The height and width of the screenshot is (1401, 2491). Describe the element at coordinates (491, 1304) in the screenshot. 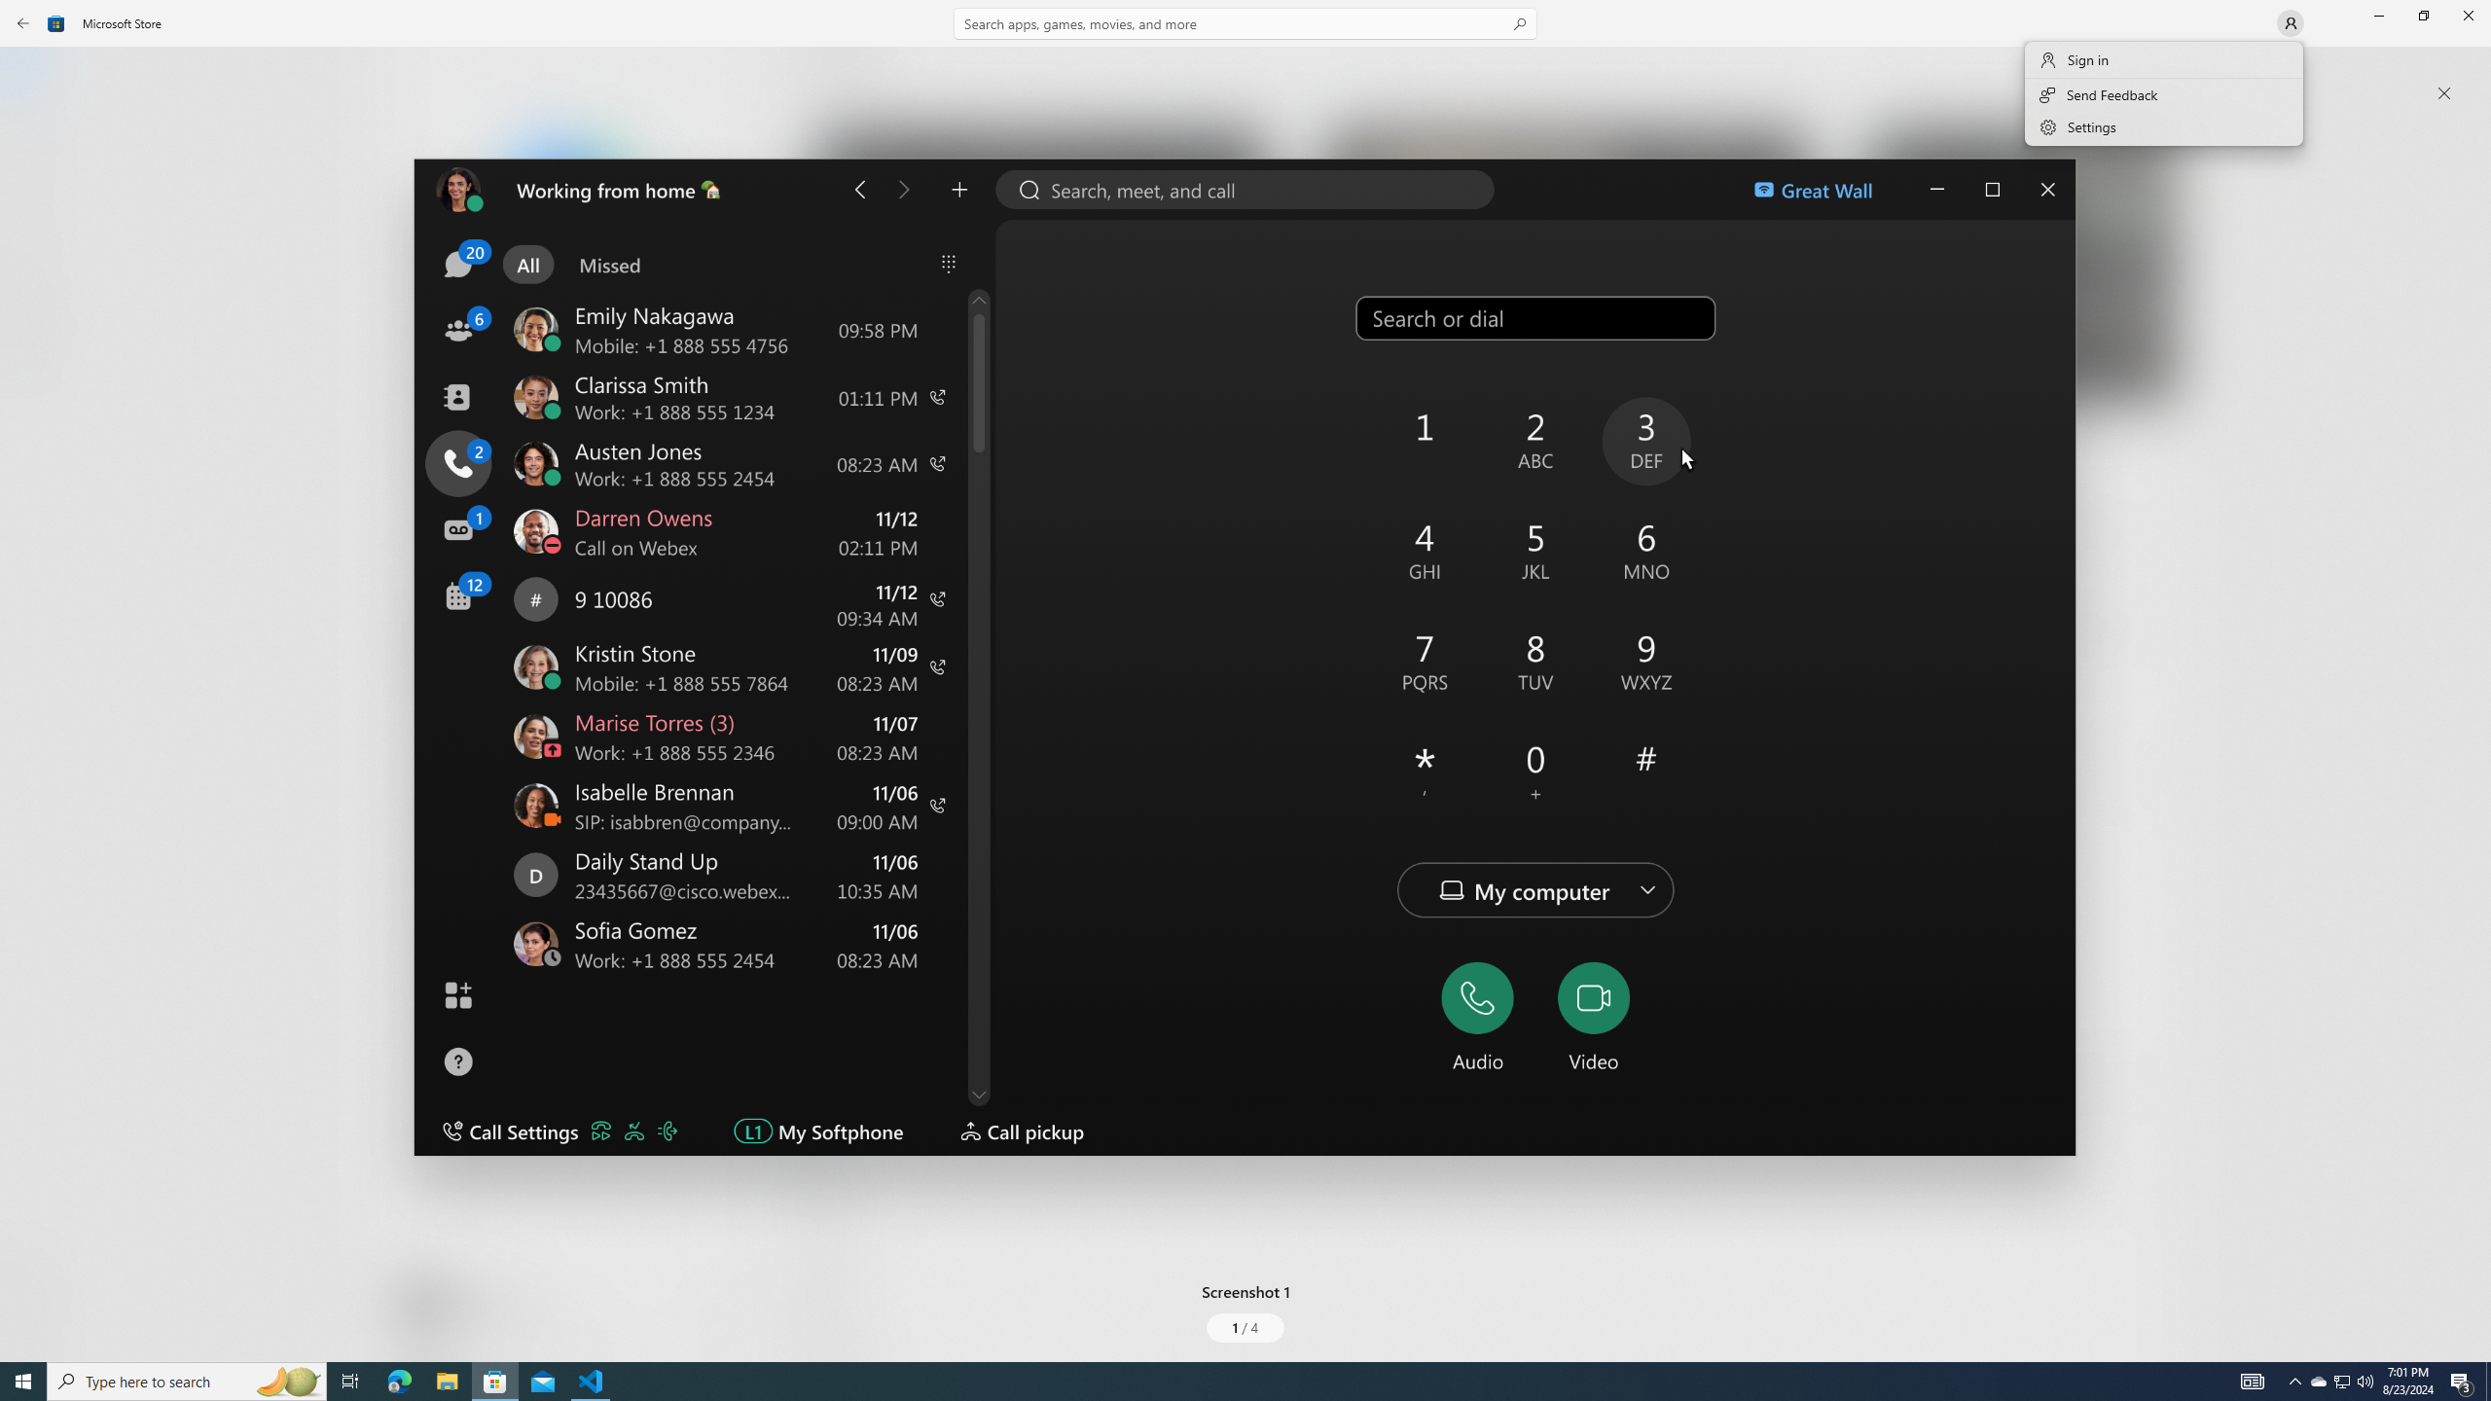

I see `'Age rating: EVERYONE. Click for more information.'` at that location.